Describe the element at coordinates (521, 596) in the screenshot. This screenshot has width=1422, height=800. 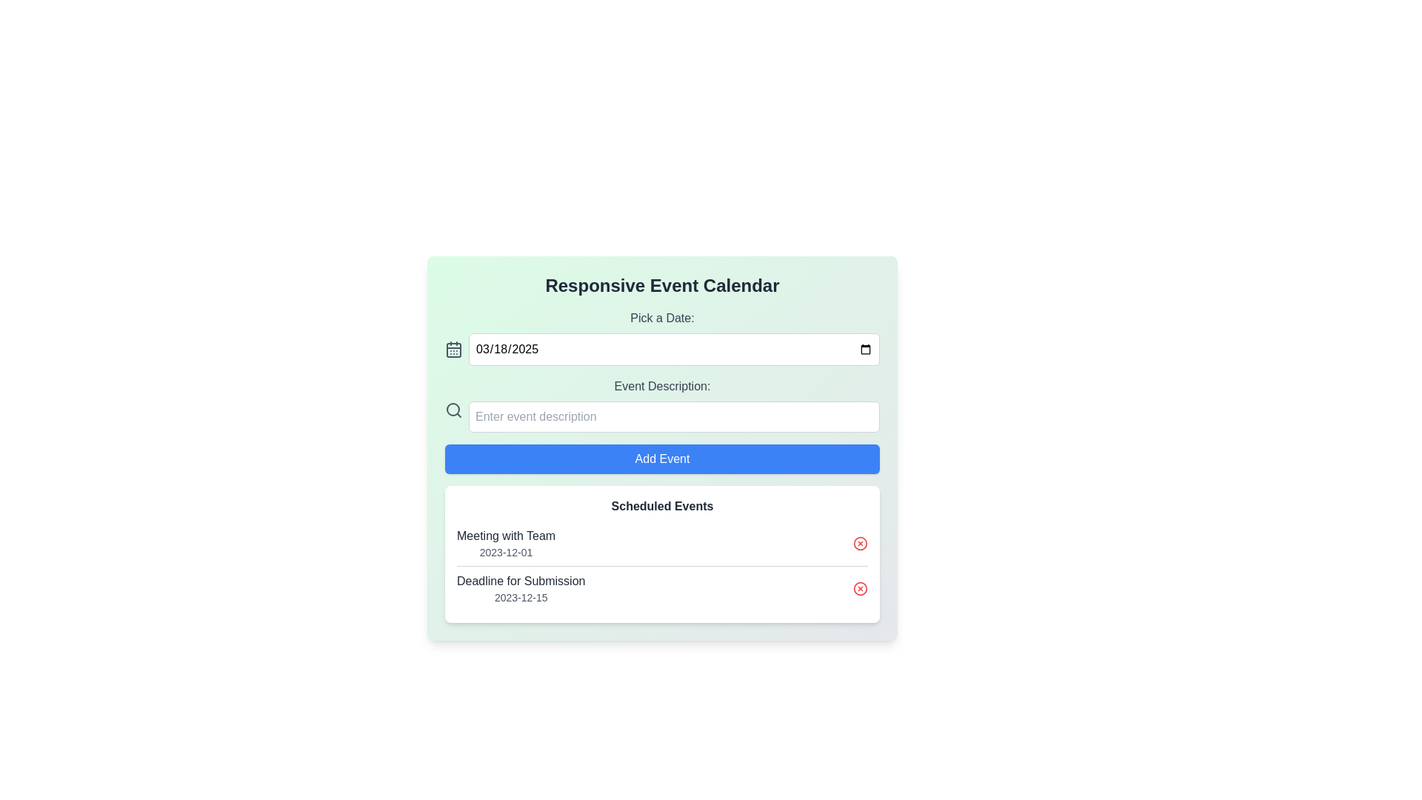
I see `date text label associated with the 'Deadline for Submission' event, located at the bottom right of the card containing the event details` at that location.